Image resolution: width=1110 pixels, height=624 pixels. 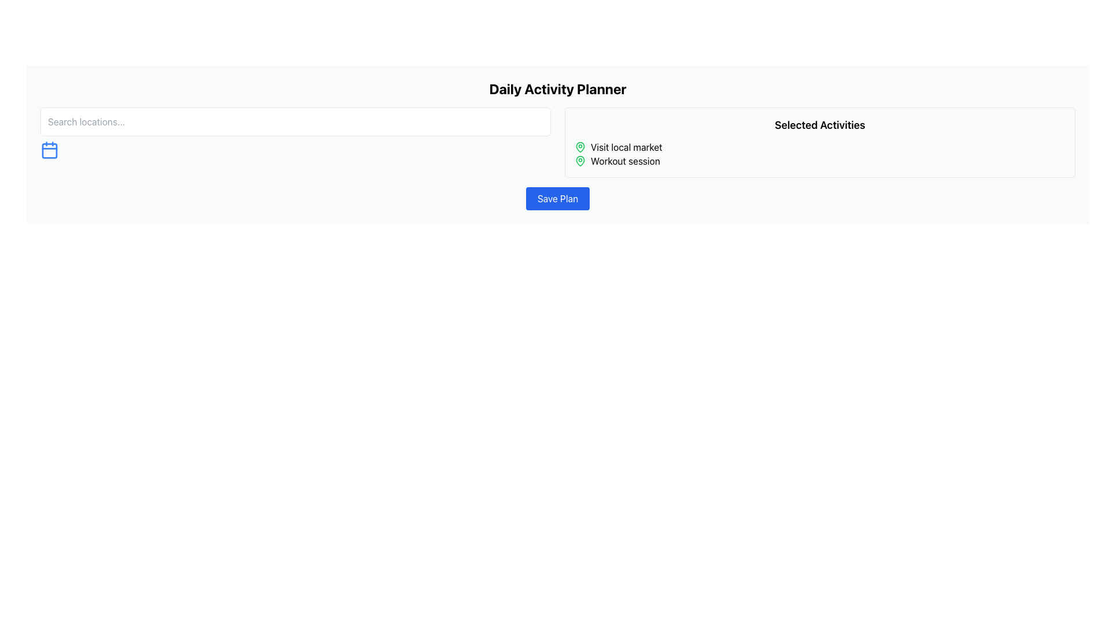 I want to click on the Text Label that serves as a header for the section dedicated to selected activities, located on the upper-right side of the interface, so click(x=819, y=125).